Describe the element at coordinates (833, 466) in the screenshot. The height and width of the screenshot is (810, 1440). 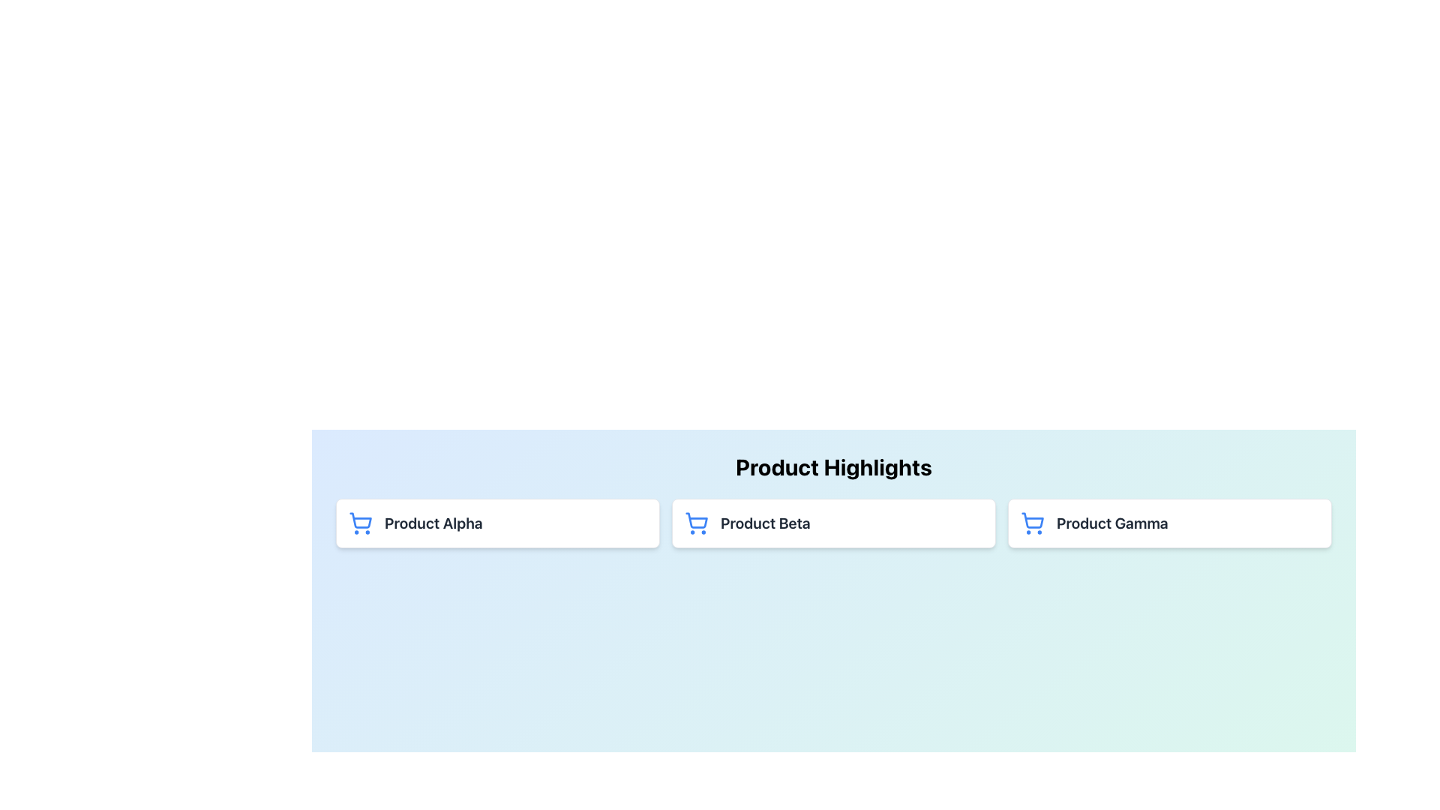
I see `the heading element that introduces the section containing product details, positioned above the grid layout of product cards` at that location.